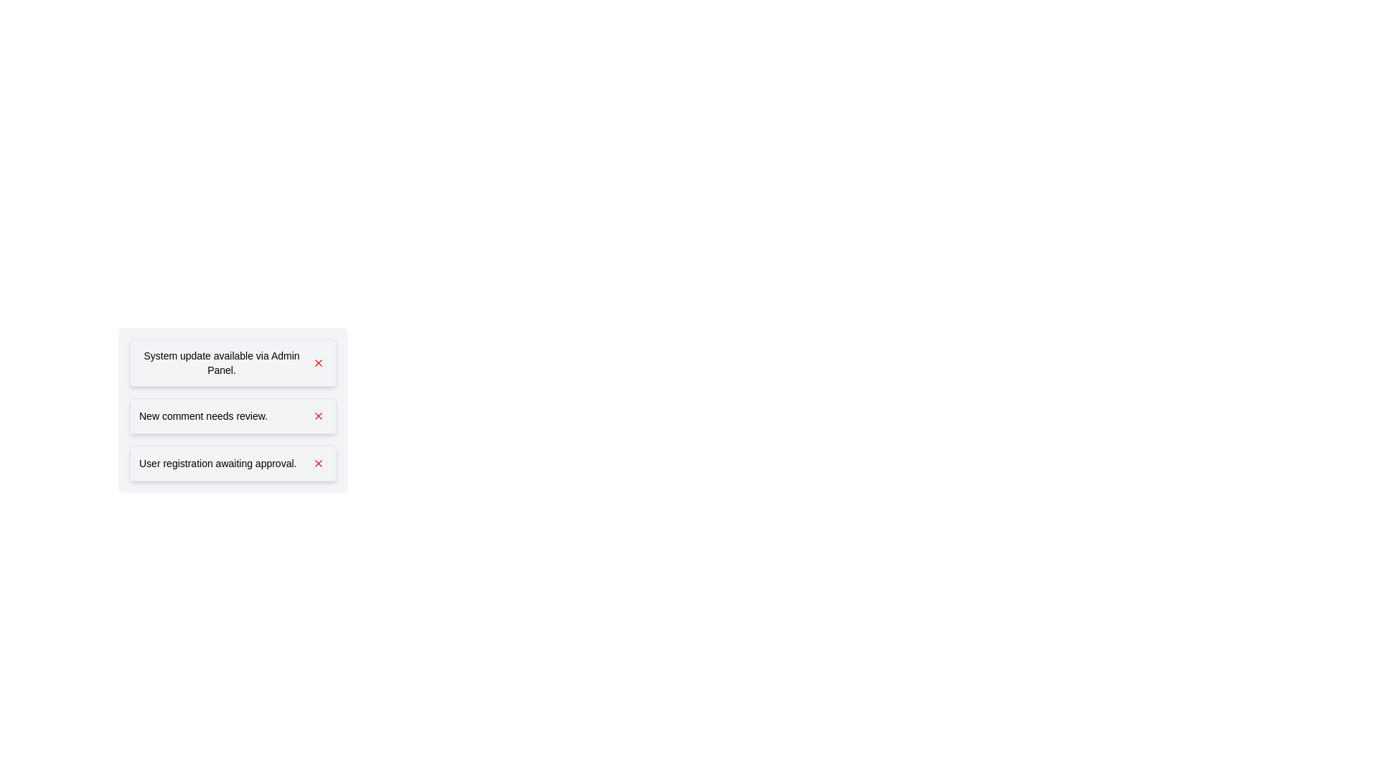 This screenshot has height=775, width=1378. I want to click on the details of the notification alert box that indicates 'User registration awaiting approval.', so click(233, 463).